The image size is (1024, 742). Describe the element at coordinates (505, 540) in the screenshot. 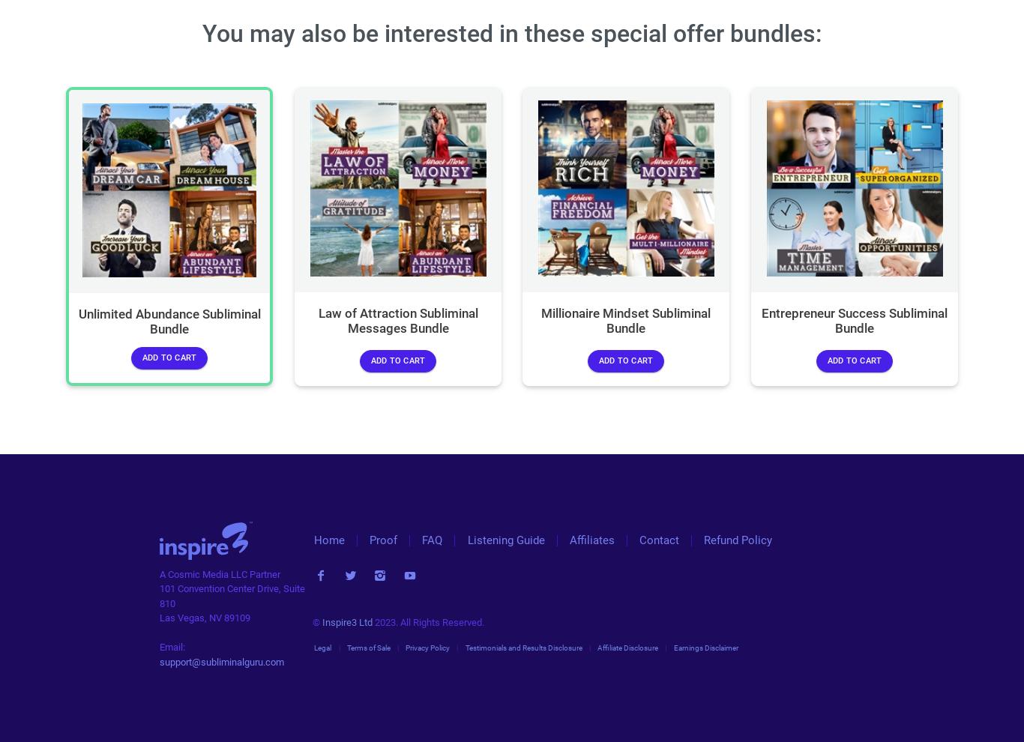

I see `'Listening Guide'` at that location.